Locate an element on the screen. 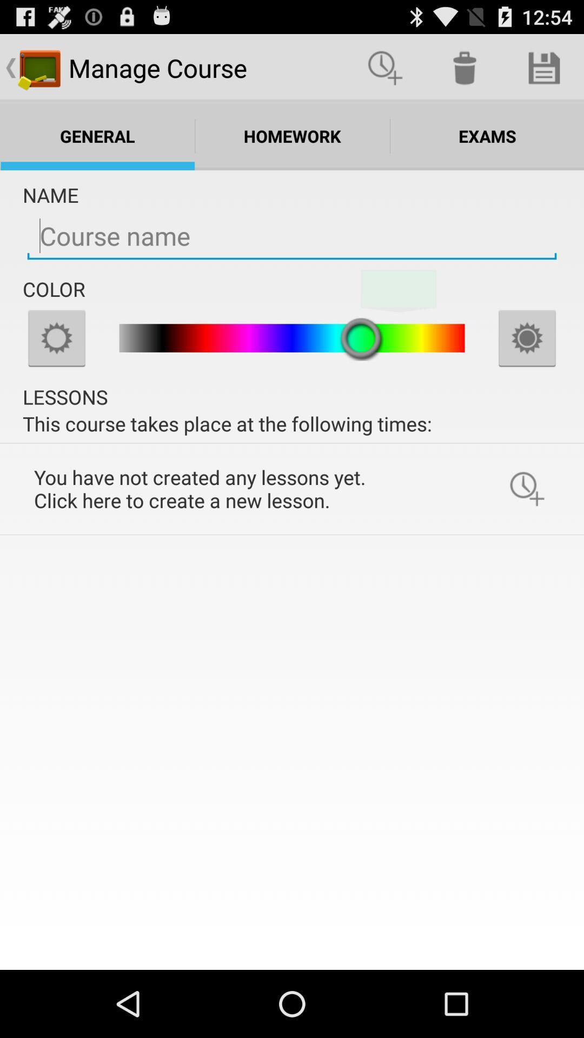 This screenshot has height=1038, width=584. increase brightness is located at coordinates (527, 337).